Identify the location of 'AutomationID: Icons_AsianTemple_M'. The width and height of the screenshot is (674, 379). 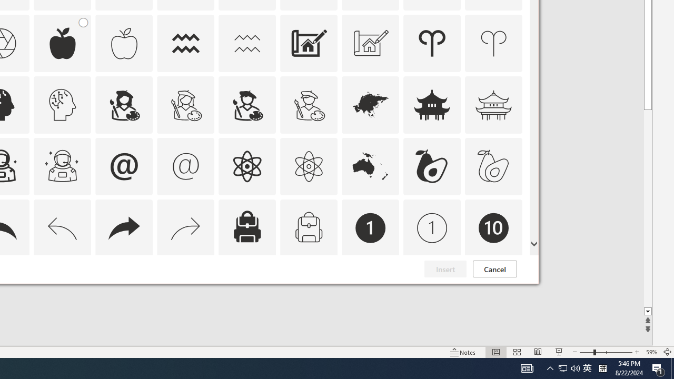
(493, 104).